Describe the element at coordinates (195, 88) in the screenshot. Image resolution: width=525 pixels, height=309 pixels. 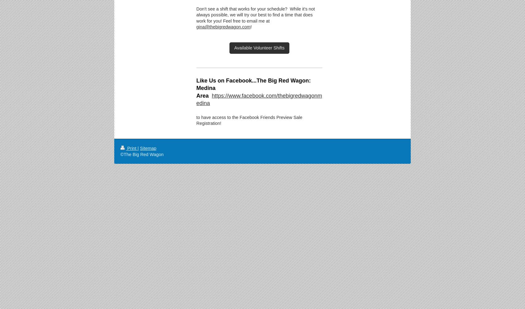
I see `'Like Us on Facebook...The Big Red Wagon:  Medina Area'` at that location.